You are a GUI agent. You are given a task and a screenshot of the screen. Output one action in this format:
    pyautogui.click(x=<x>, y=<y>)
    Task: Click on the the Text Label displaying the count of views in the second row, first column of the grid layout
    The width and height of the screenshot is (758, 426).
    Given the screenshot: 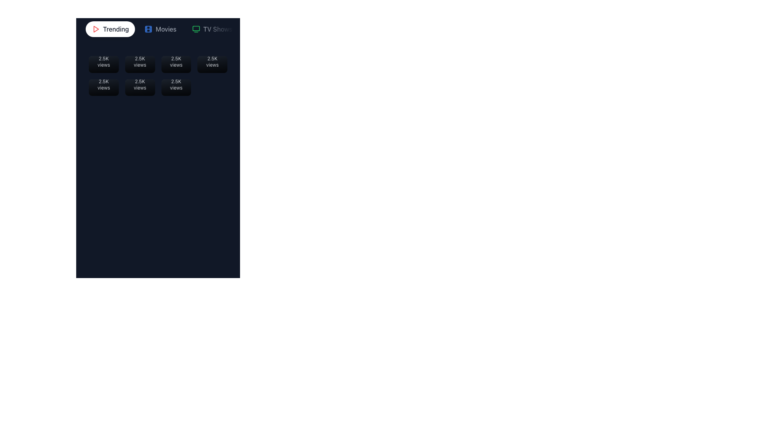 What is the action you would take?
    pyautogui.click(x=103, y=87)
    